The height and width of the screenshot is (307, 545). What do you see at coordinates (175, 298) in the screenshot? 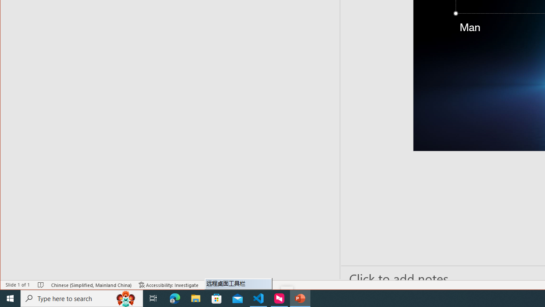
I see `'Microsoft Edge'` at bounding box center [175, 298].